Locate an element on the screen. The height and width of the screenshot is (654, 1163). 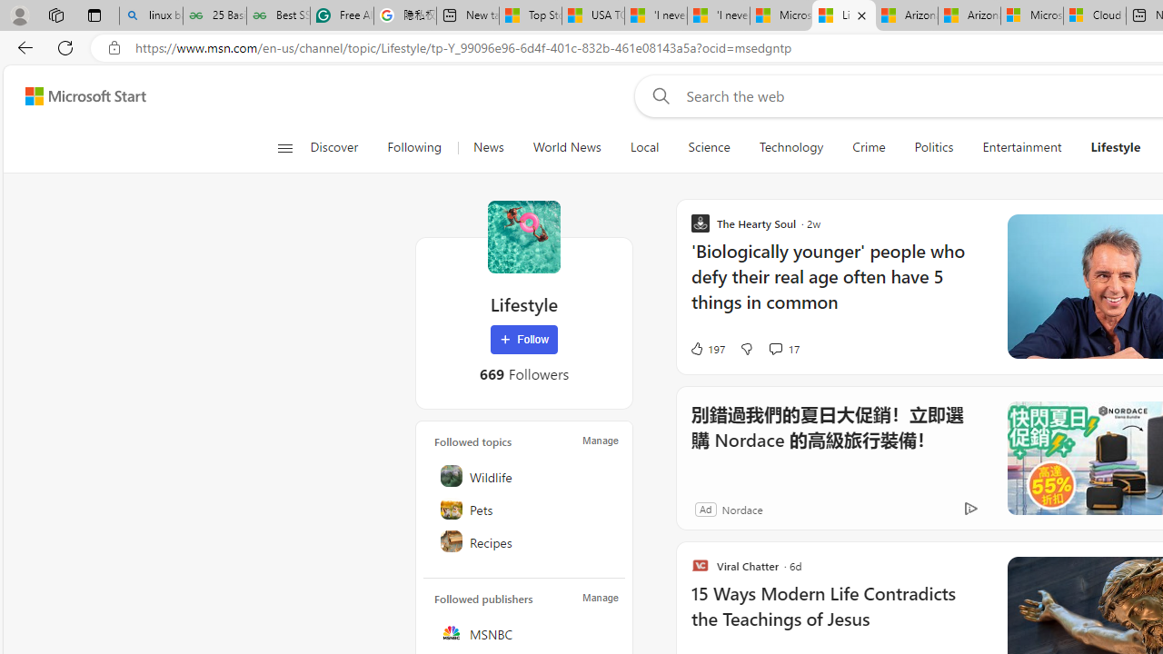
'linux basic - Search' is located at coordinates (151, 15).